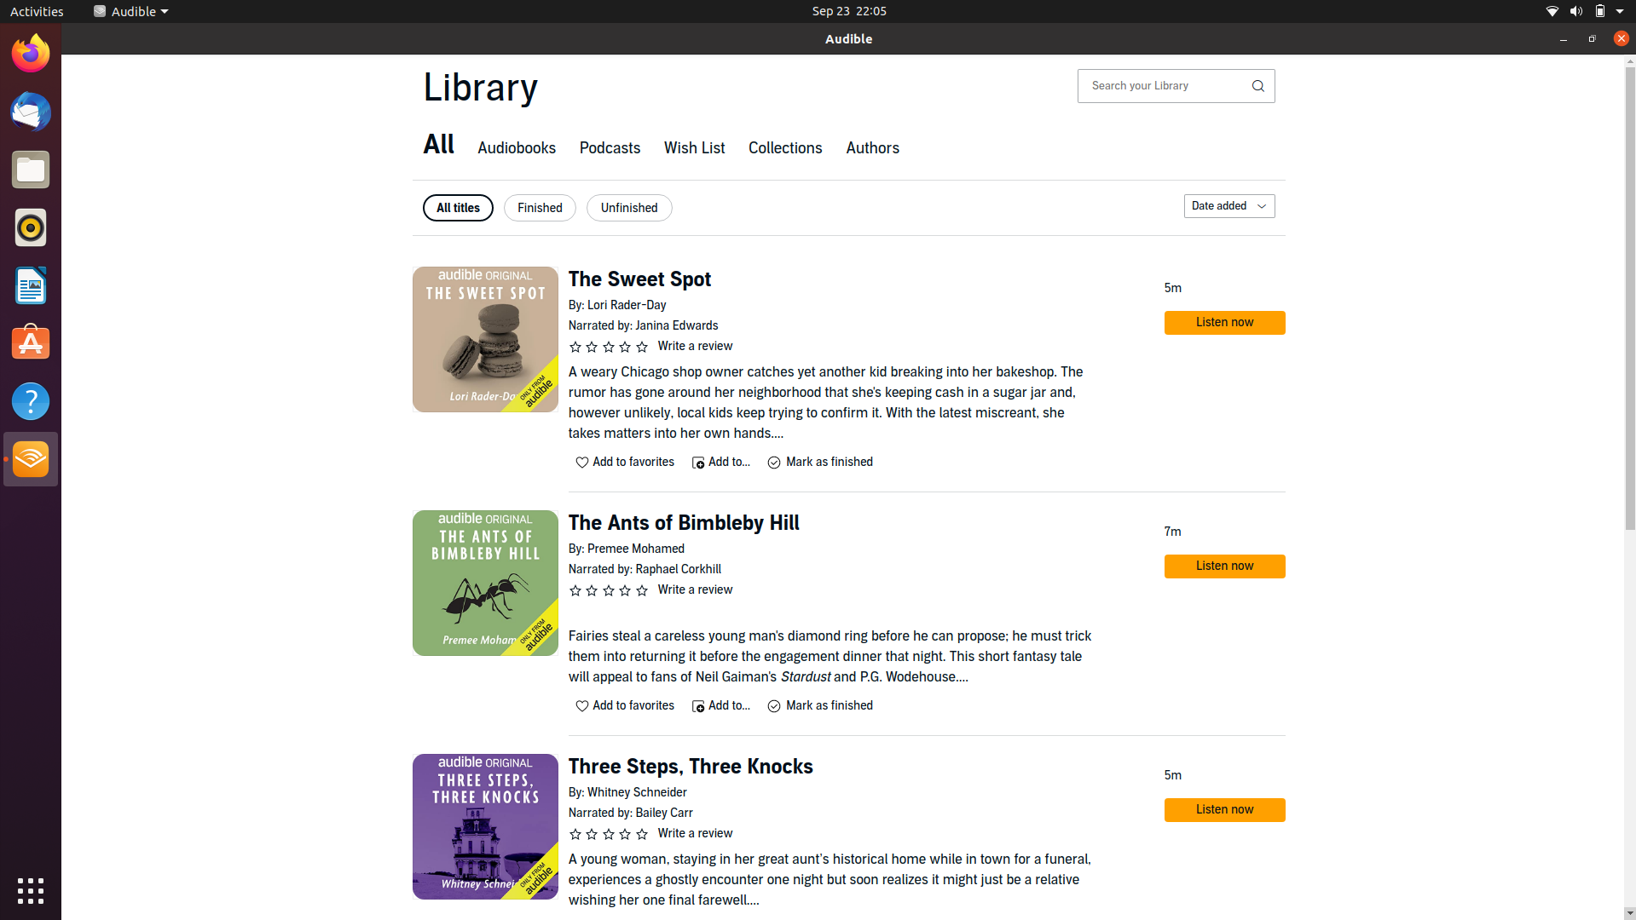 The width and height of the screenshot is (1636, 920). I want to click on Mark "The Sweet Spot" as finished and check if it is there in finished tab, so click(818, 462).